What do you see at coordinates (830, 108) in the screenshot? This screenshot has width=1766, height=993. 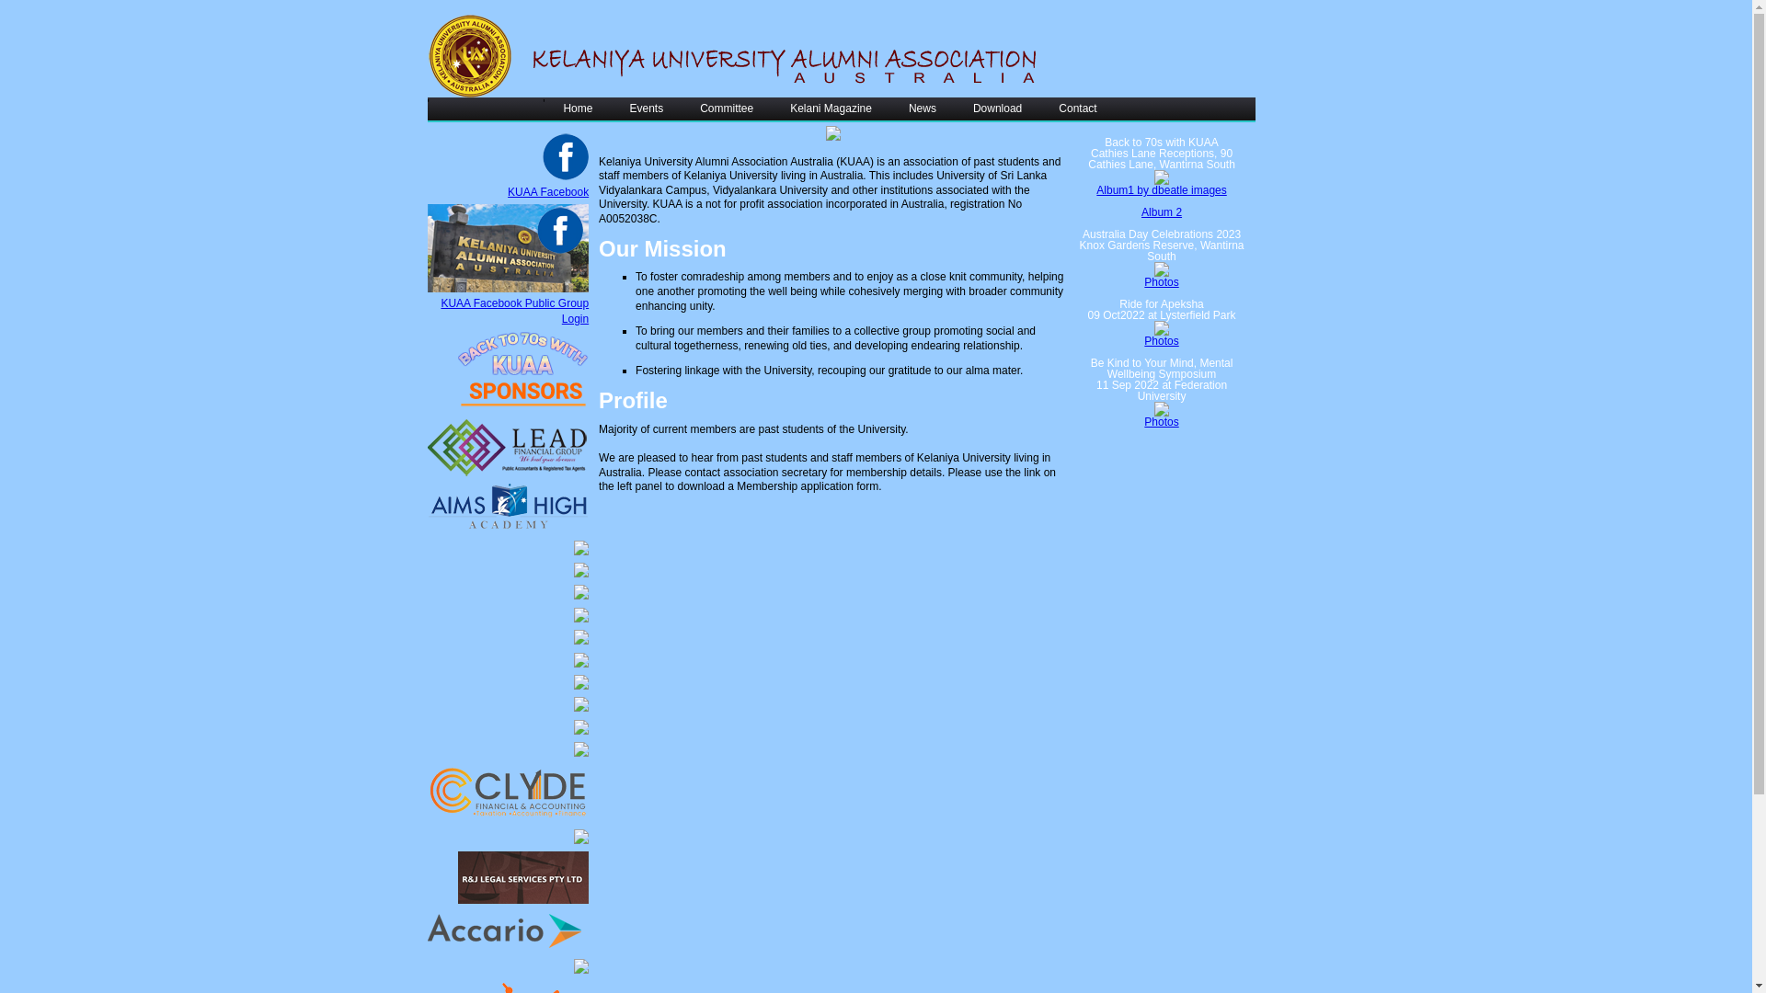 I see `'Kelani Magazine'` at bounding box center [830, 108].